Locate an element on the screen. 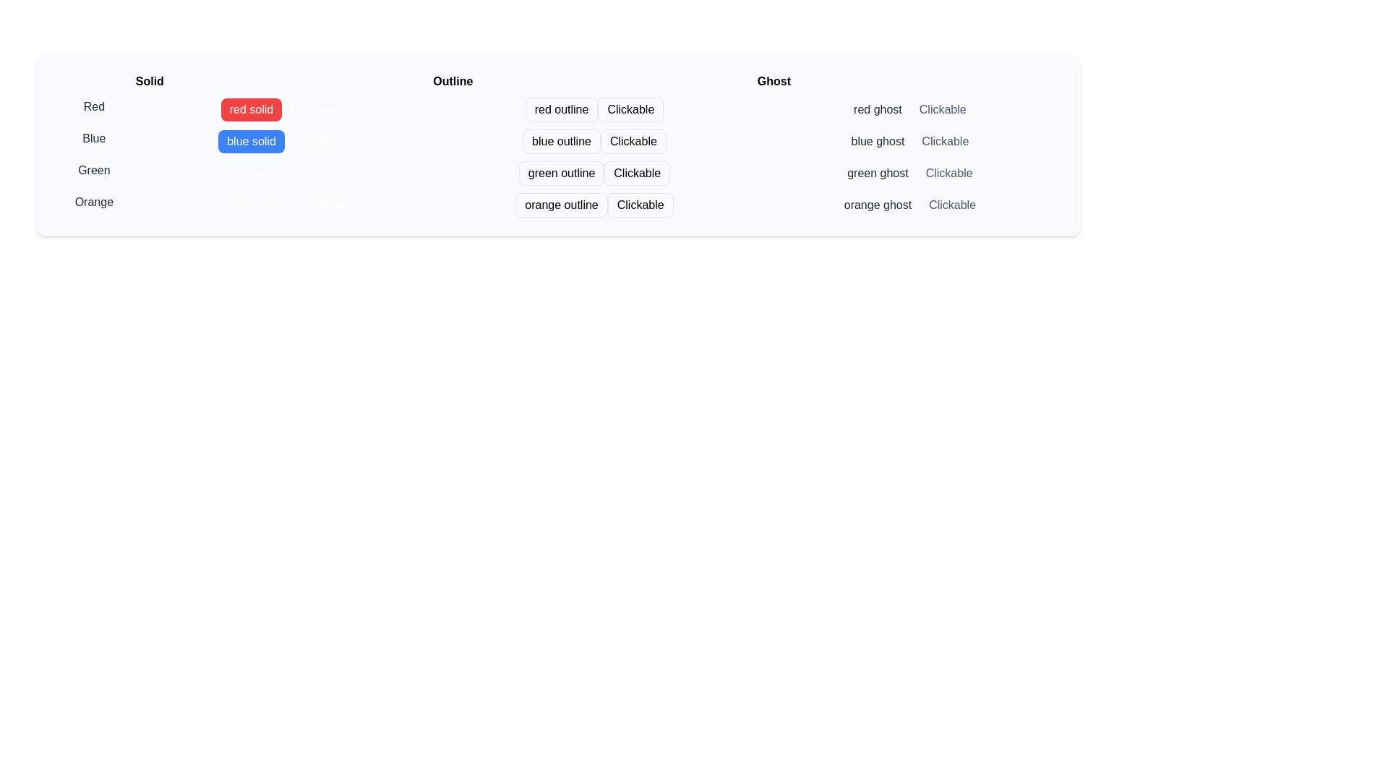 Image resolution: width=1388 pixels, height=781 pixels. the text label located in the leftmost column under the category 'Solid' and in the fourth row of text entries is located at coordinates (93, 202).